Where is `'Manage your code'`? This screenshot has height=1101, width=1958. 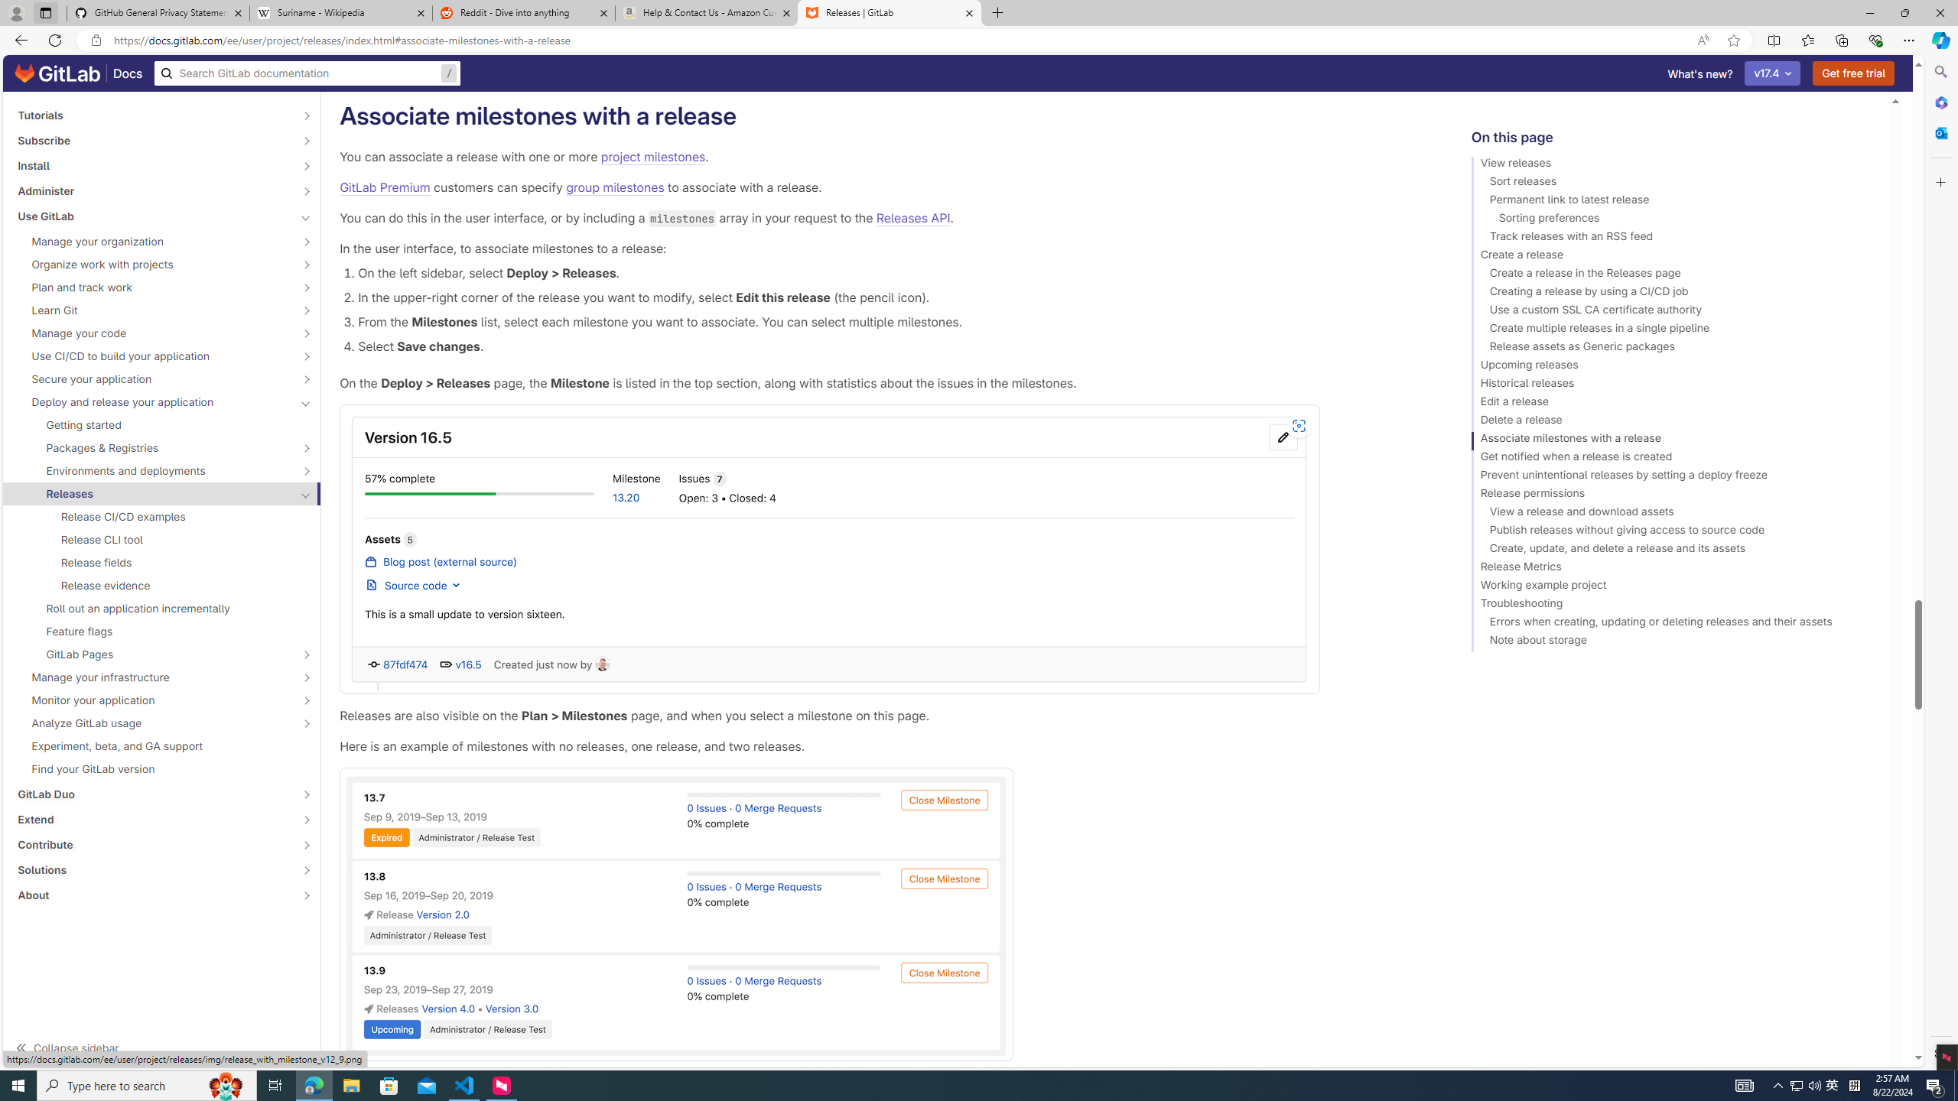 'Manage your code' is located at coordinates (152, 332).